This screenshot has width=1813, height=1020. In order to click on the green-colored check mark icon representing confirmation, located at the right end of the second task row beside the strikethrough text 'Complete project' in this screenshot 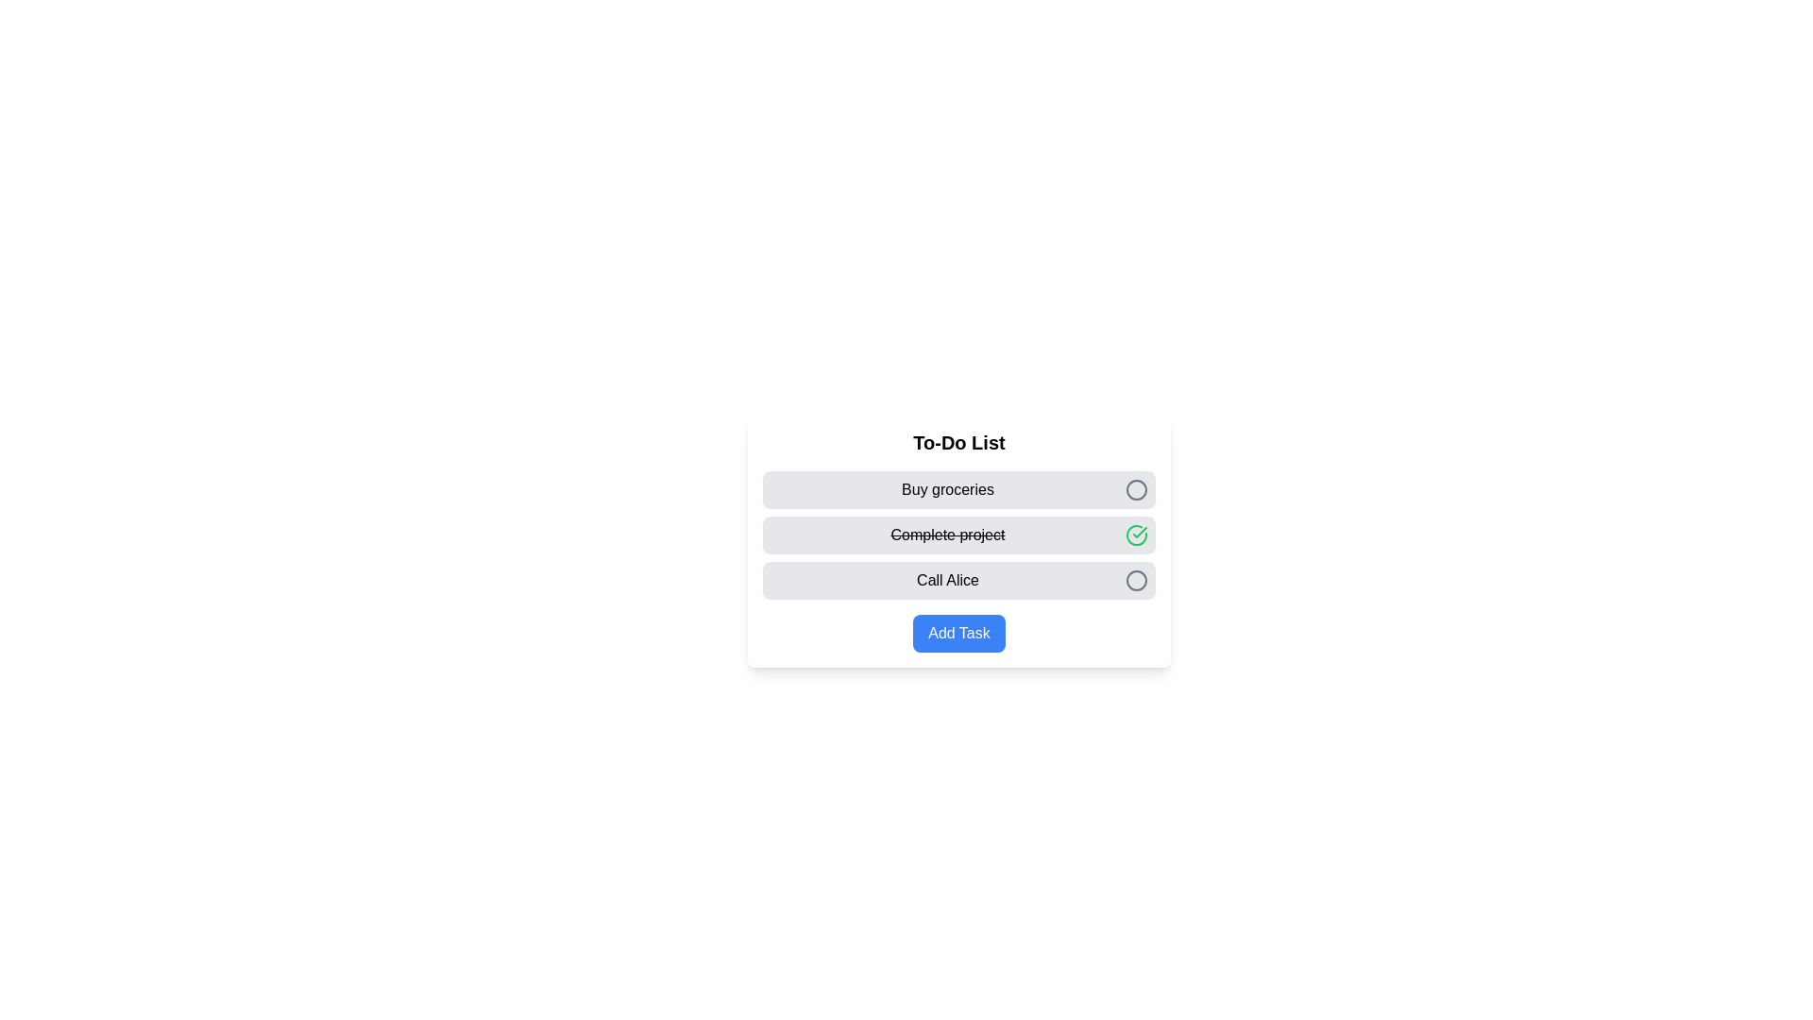, I will do `click(1139, 532)`.